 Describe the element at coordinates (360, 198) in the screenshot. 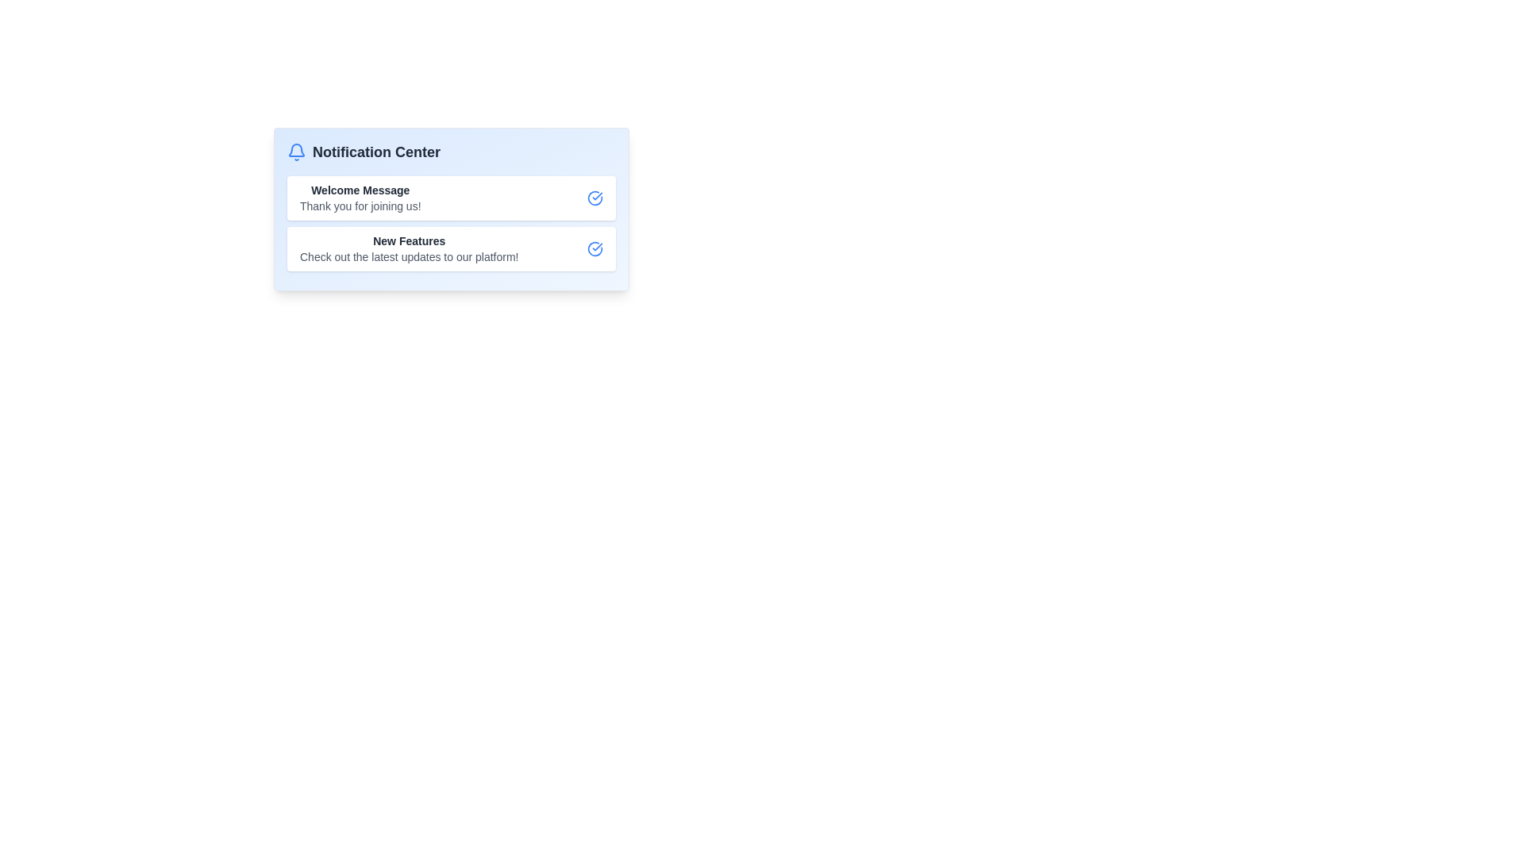

I see `the text display component containing 'Welcome Message' and 'Thank you for joining us!' that is styled with distinct formatting and located in the upper-middle part of the light-blue notification center card` at that location.